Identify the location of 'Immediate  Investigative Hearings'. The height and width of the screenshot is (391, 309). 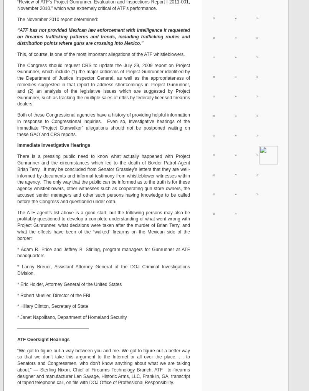
(53, 145).